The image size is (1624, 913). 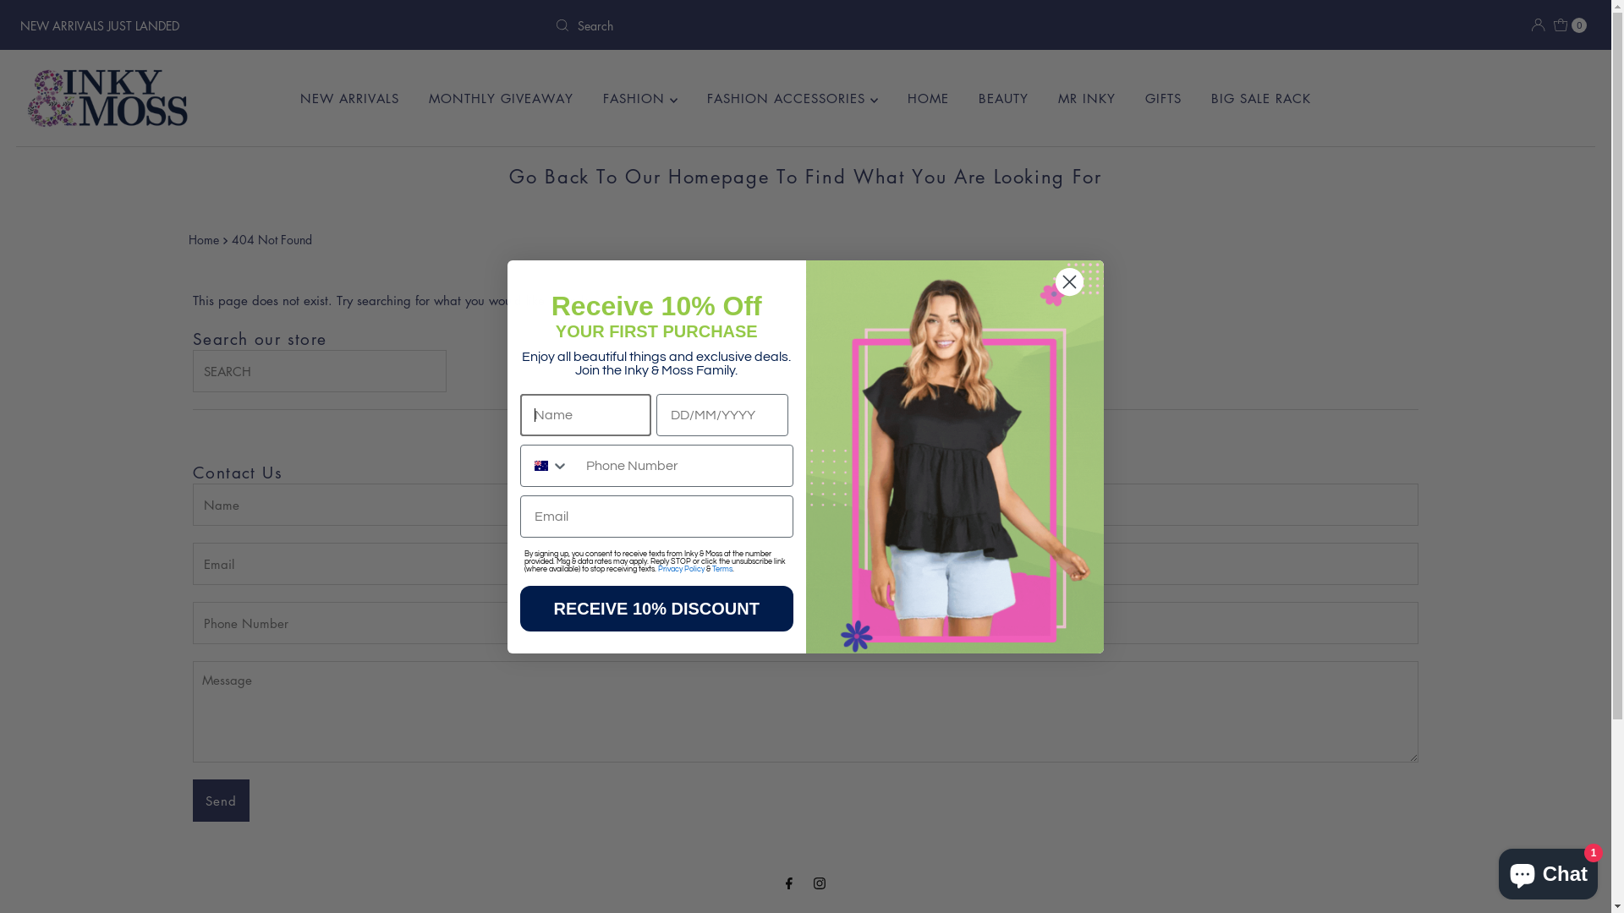 I want to click on 'Australia', so click(x=540, y=465).